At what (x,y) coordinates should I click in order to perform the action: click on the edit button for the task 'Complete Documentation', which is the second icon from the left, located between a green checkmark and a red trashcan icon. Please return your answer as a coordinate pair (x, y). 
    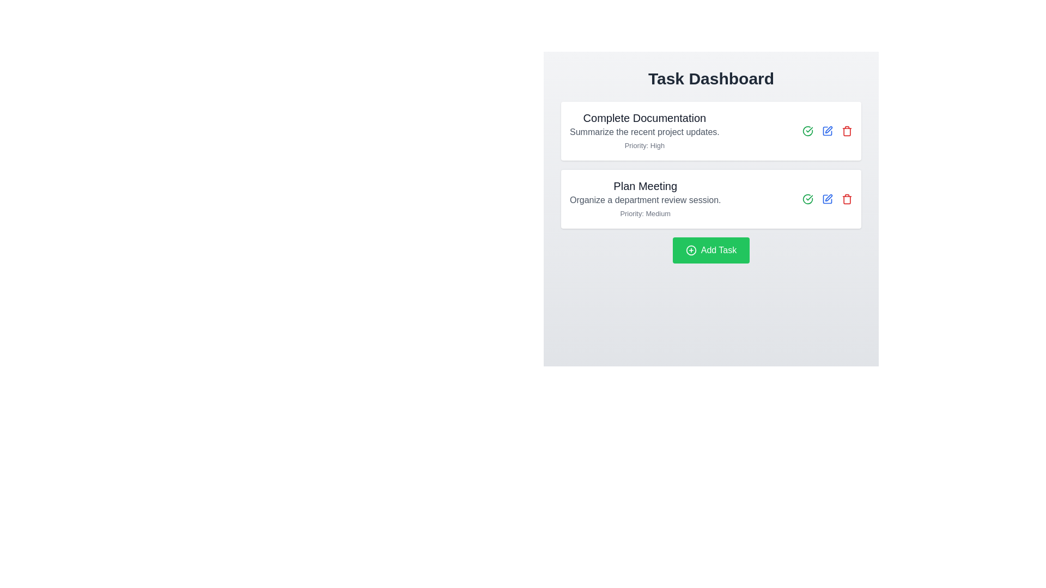
    Looking at the image, I should click on (827, 130).